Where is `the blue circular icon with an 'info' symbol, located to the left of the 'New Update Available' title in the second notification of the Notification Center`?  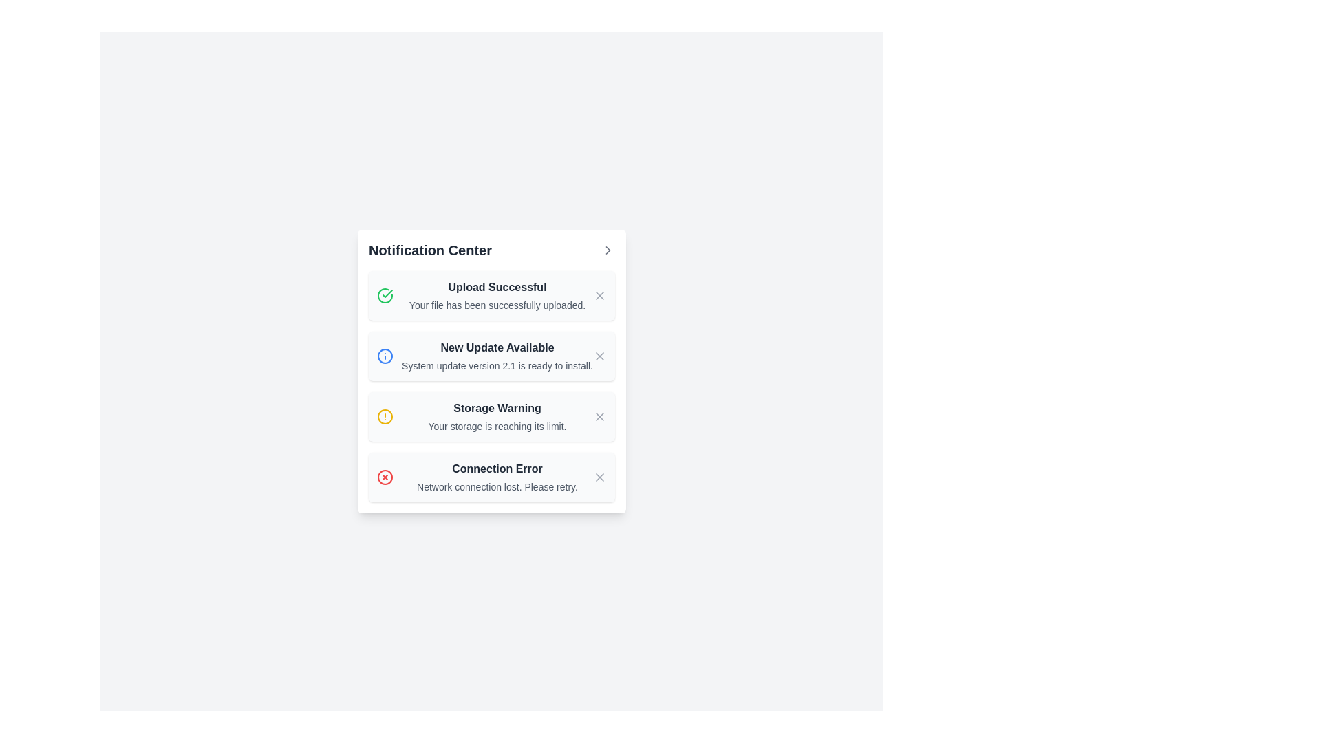 the blue circular icon with an 'info' symbol, located to the left of the 'New Update Available' title in the second notification of the Notification Center is located at coordinates (385, 355).